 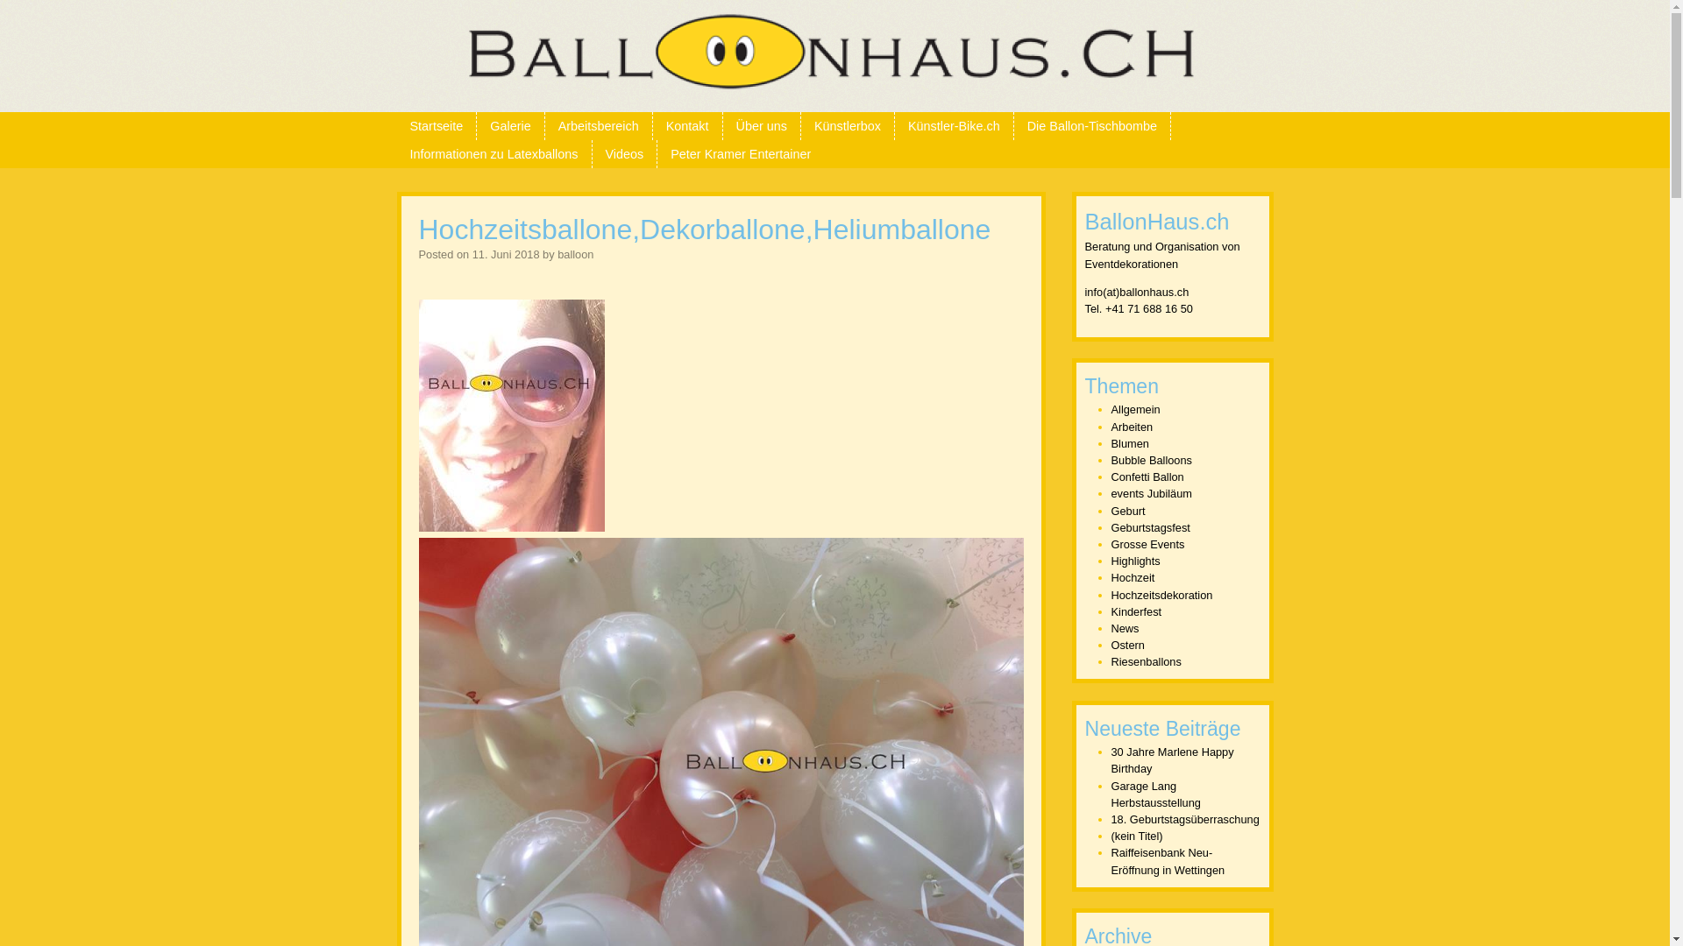 What do you see at coordinates (476, 124) in the screenshot?
I see `'Galerie'` at bounding box center [476, 124].